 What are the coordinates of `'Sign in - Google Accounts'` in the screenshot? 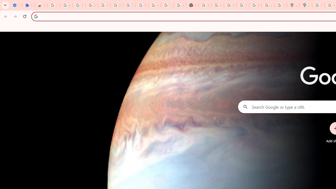 It's located at (54, 5).